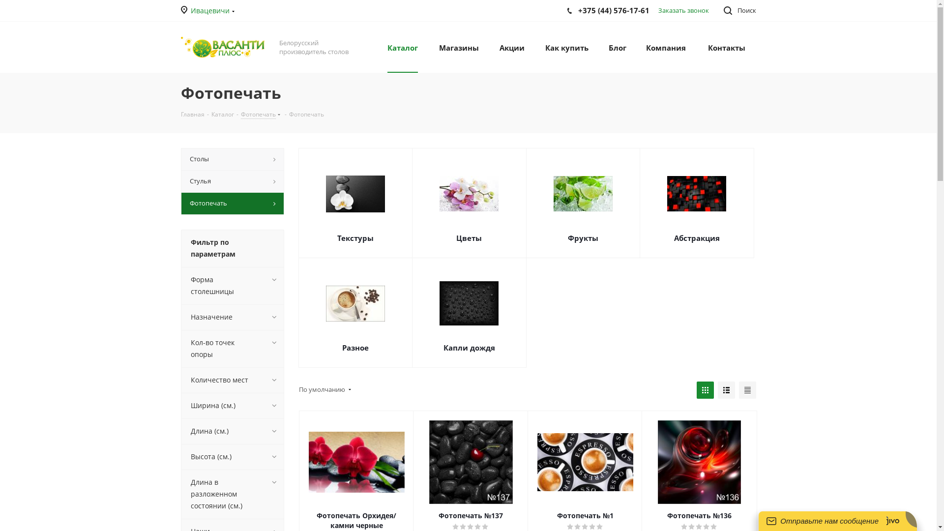  What do you see at coordinates (578, 527) in the screenshot?
I see `'2'` at bounding box center [578, 527].